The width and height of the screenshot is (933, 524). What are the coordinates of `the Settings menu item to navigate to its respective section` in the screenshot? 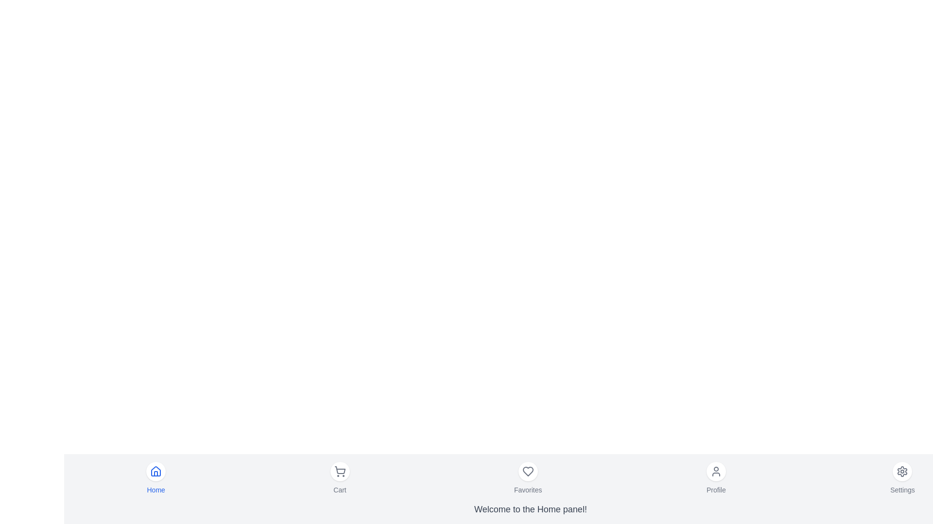 It's located at (902, 478).